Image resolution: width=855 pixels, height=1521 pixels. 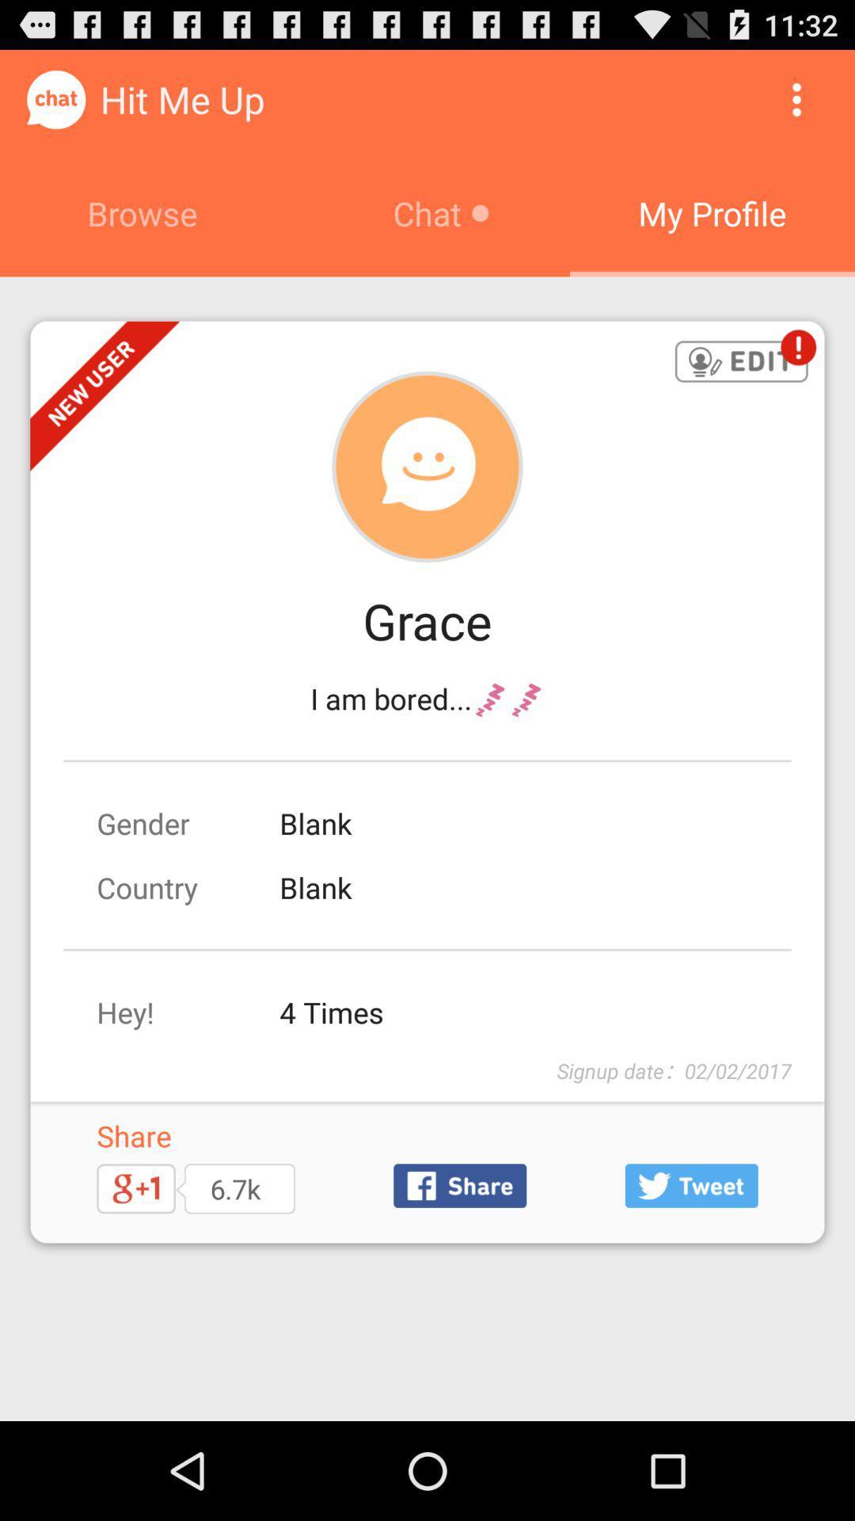 I want to click on twitter link share button, so click(x=690, y=1186).